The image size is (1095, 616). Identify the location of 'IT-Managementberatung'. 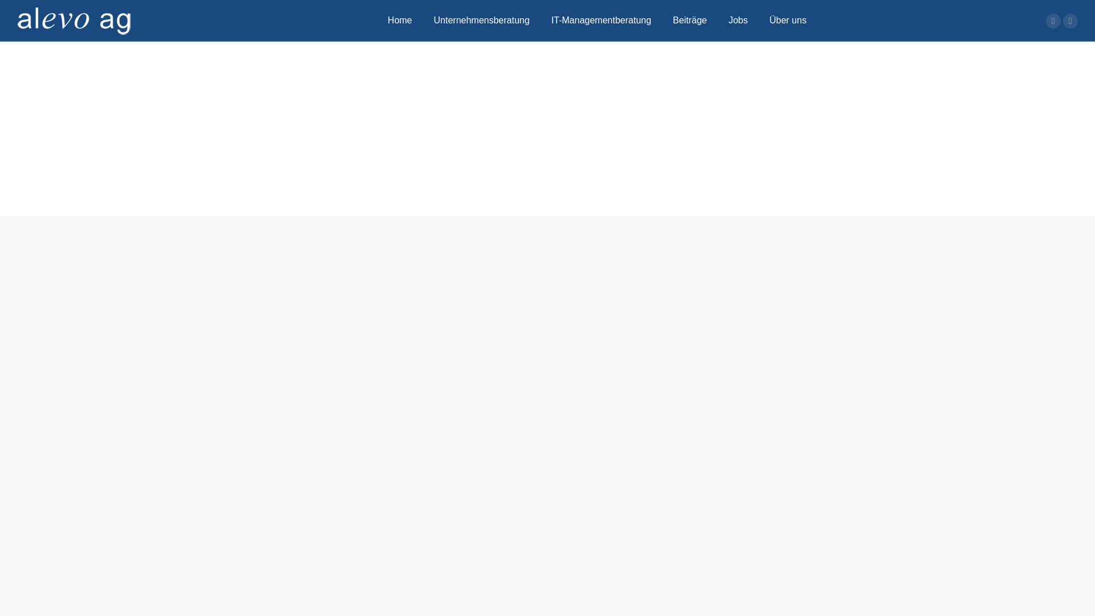
(549, 20).